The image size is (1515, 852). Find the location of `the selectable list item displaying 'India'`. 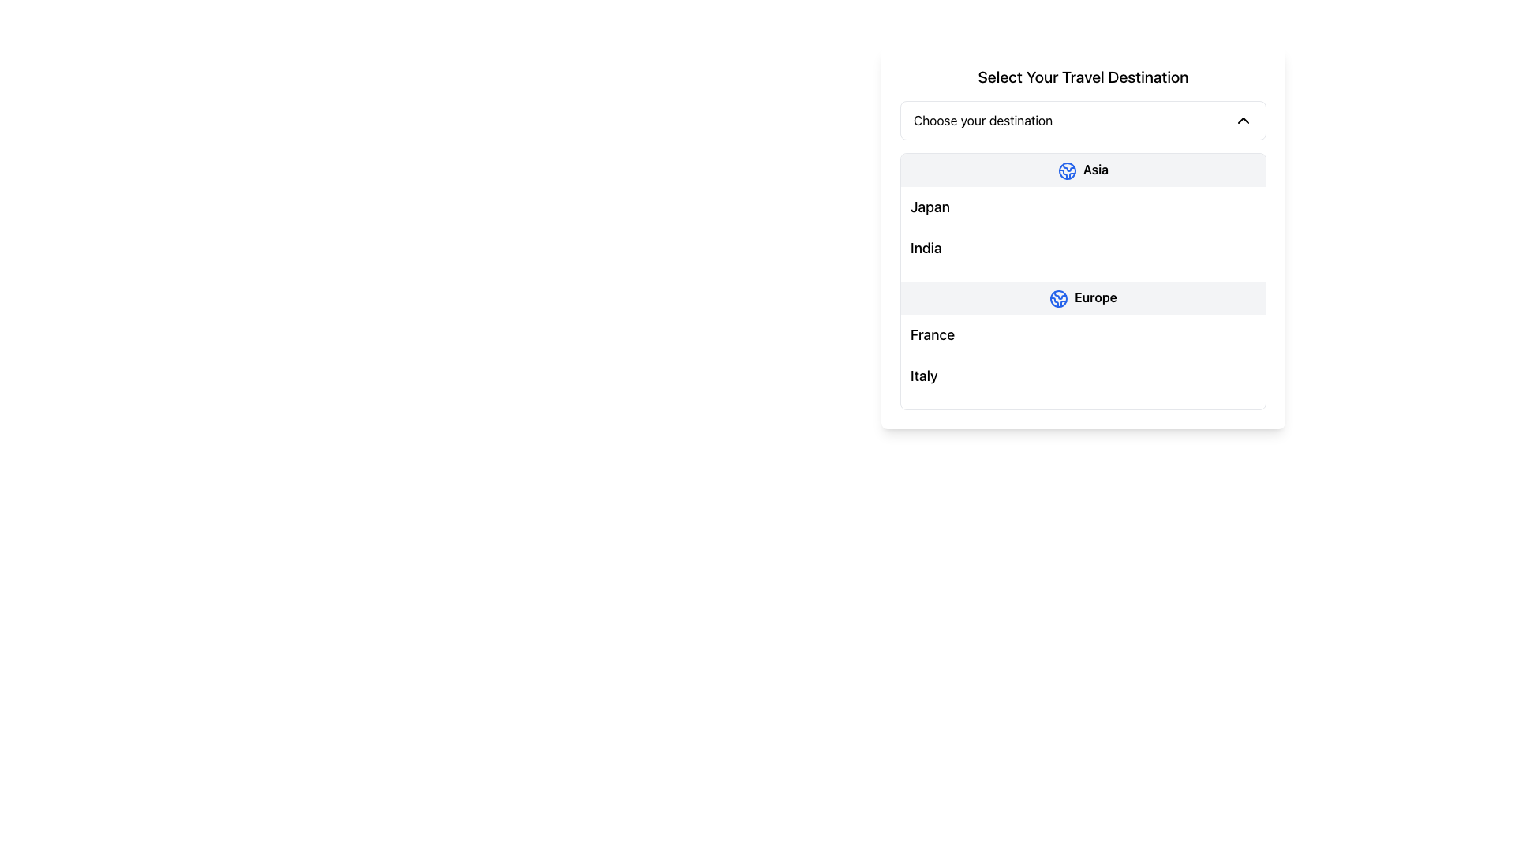

the selectable list item displaying 'India' is located at coordinates (1082, 247).